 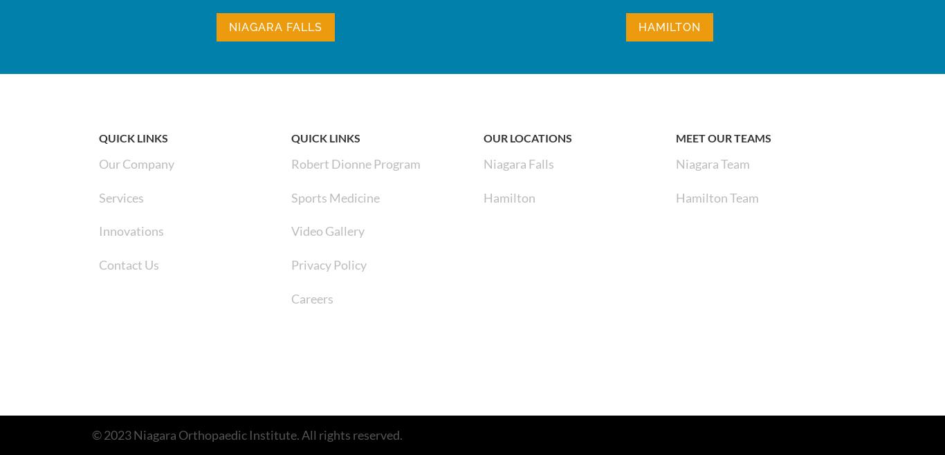 I want to click on 'Our Locations', so click(x=528, y=138).